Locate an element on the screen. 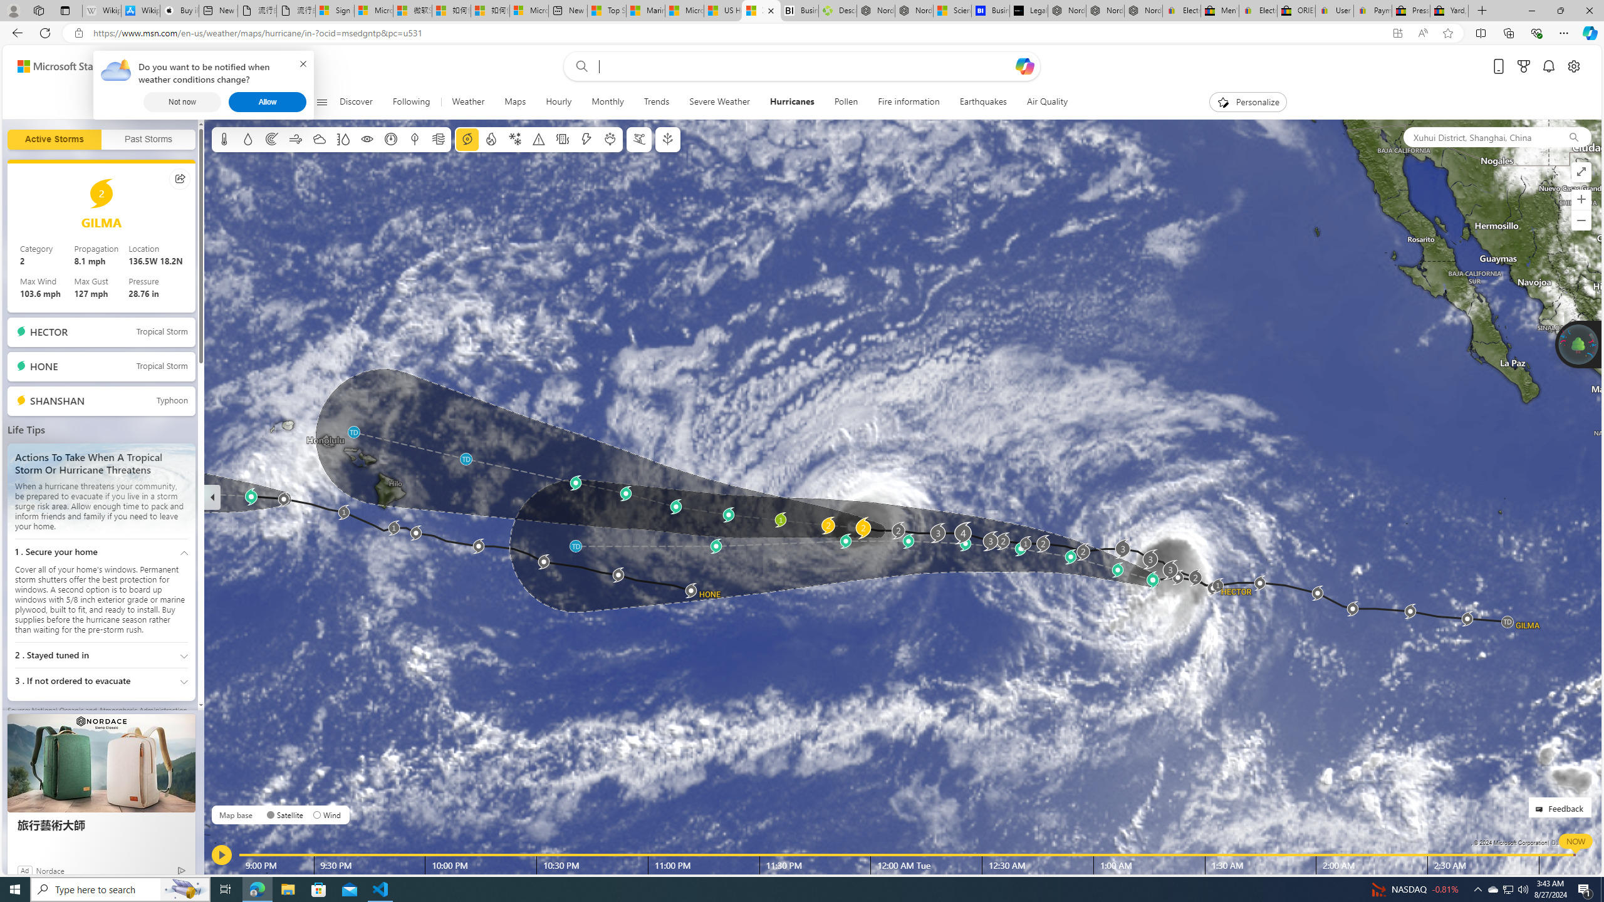 This screenshot has height=902, width=1604. 'Pollen' is located at coordinates (845, 101).